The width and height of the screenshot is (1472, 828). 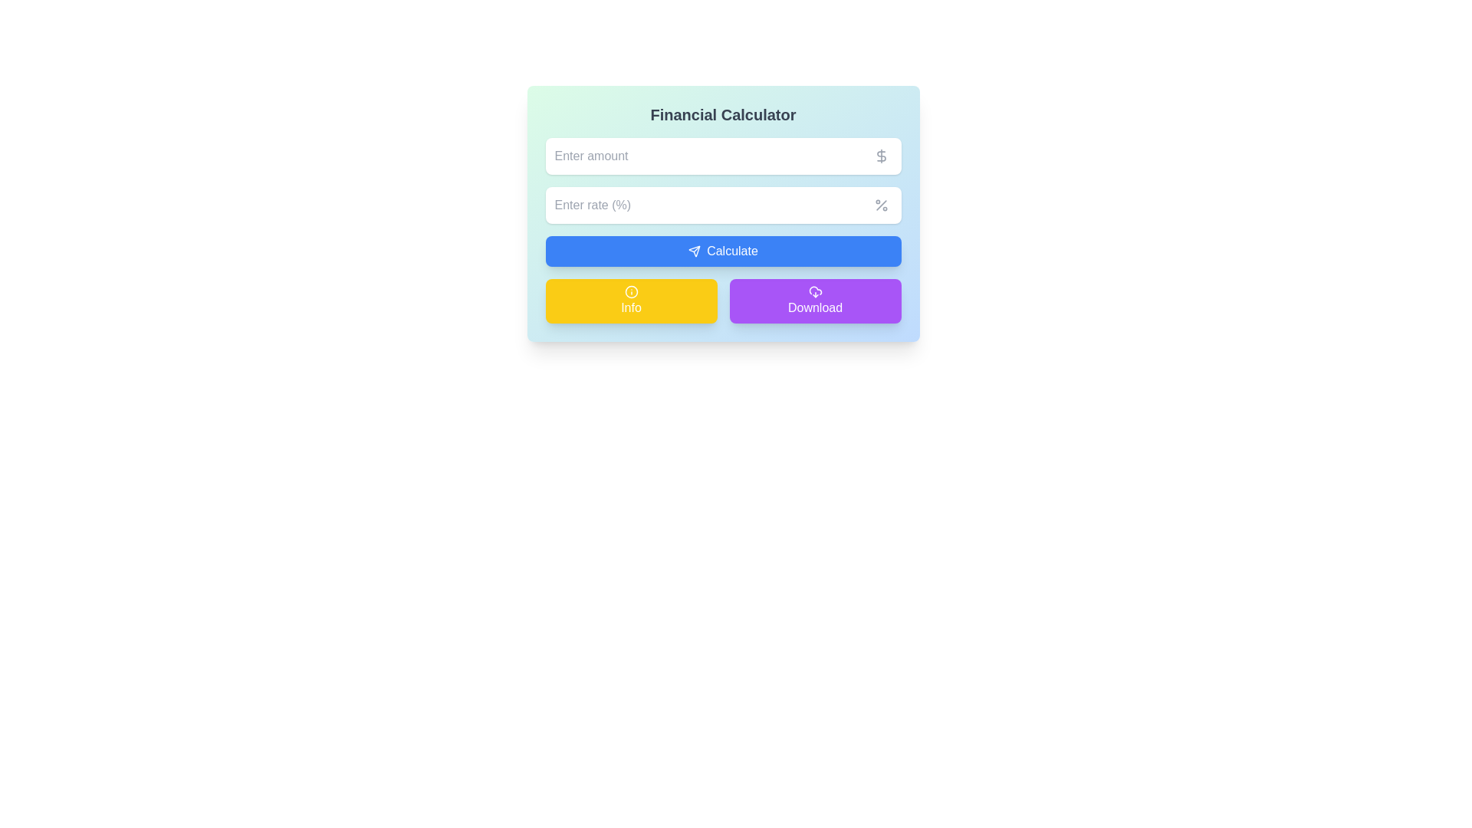 I want to click on the dollar sign icon, which is gray and styled in a modern minimalist design, located to the right of the 'Enter amount' input field within the calculator interface, so click(x=881, y=156).